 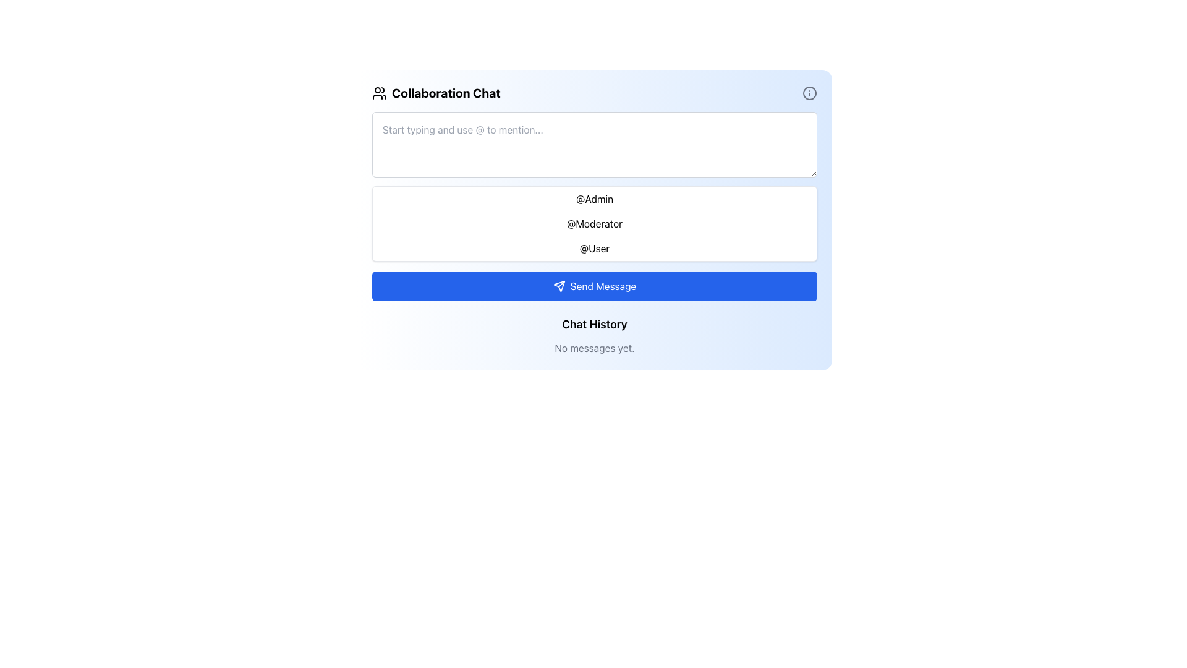 I want to click on the collaboration icon located in the top-left corner of the header bar of the 'Collaboration Chat' section, which visually represents group collaboration, so click(x=379, y=92).